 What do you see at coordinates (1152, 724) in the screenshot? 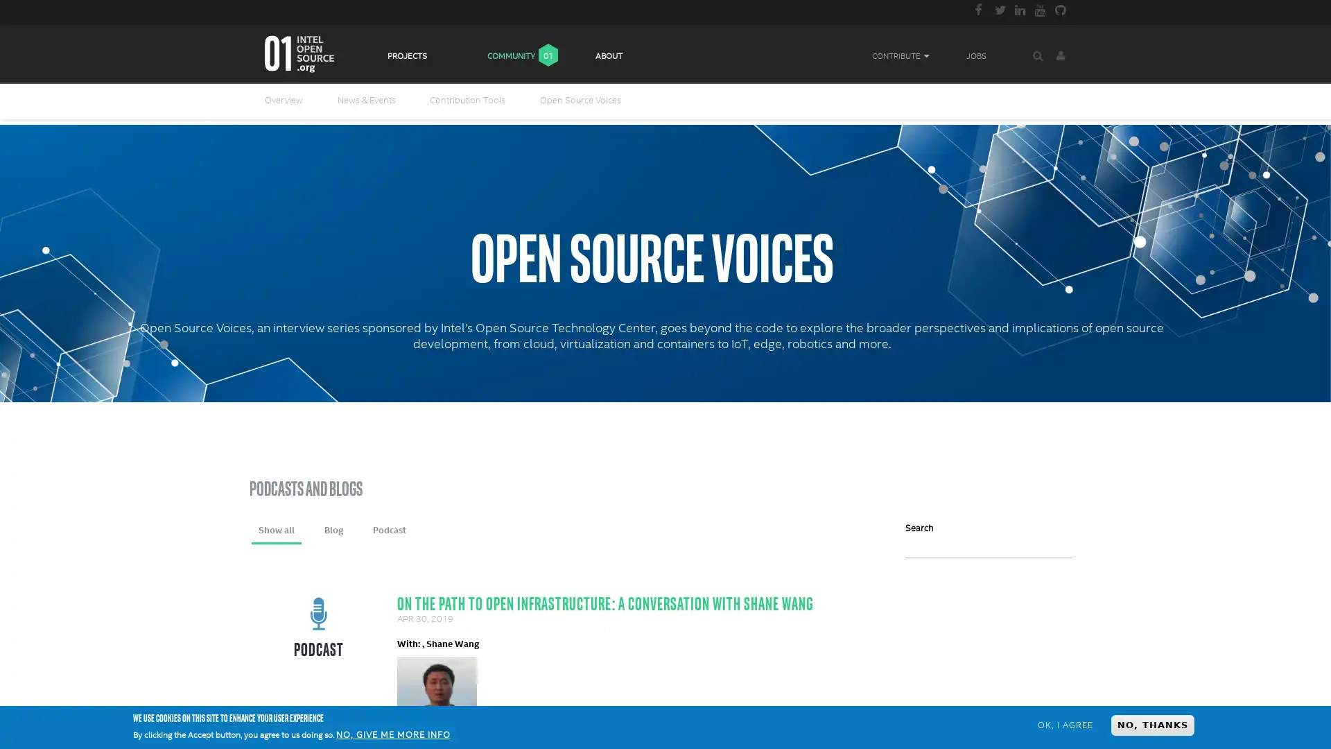
I see `NO, THANKS` at bounding box center [1152, 724].